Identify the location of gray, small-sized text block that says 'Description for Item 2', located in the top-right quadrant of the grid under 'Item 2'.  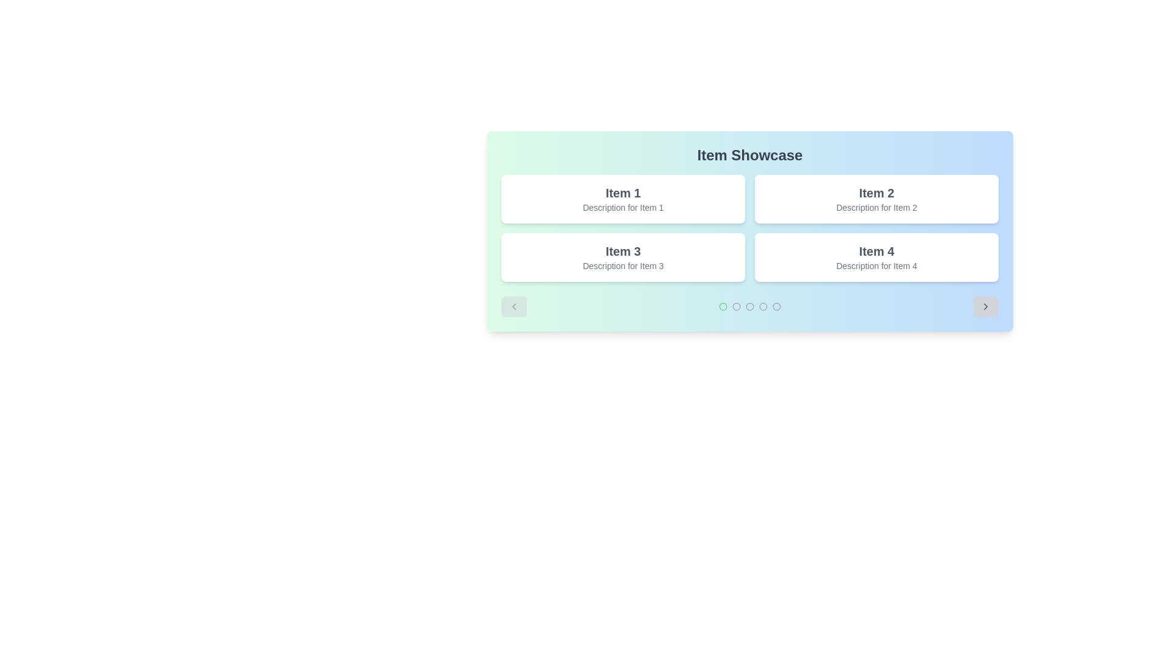
(876, 207).